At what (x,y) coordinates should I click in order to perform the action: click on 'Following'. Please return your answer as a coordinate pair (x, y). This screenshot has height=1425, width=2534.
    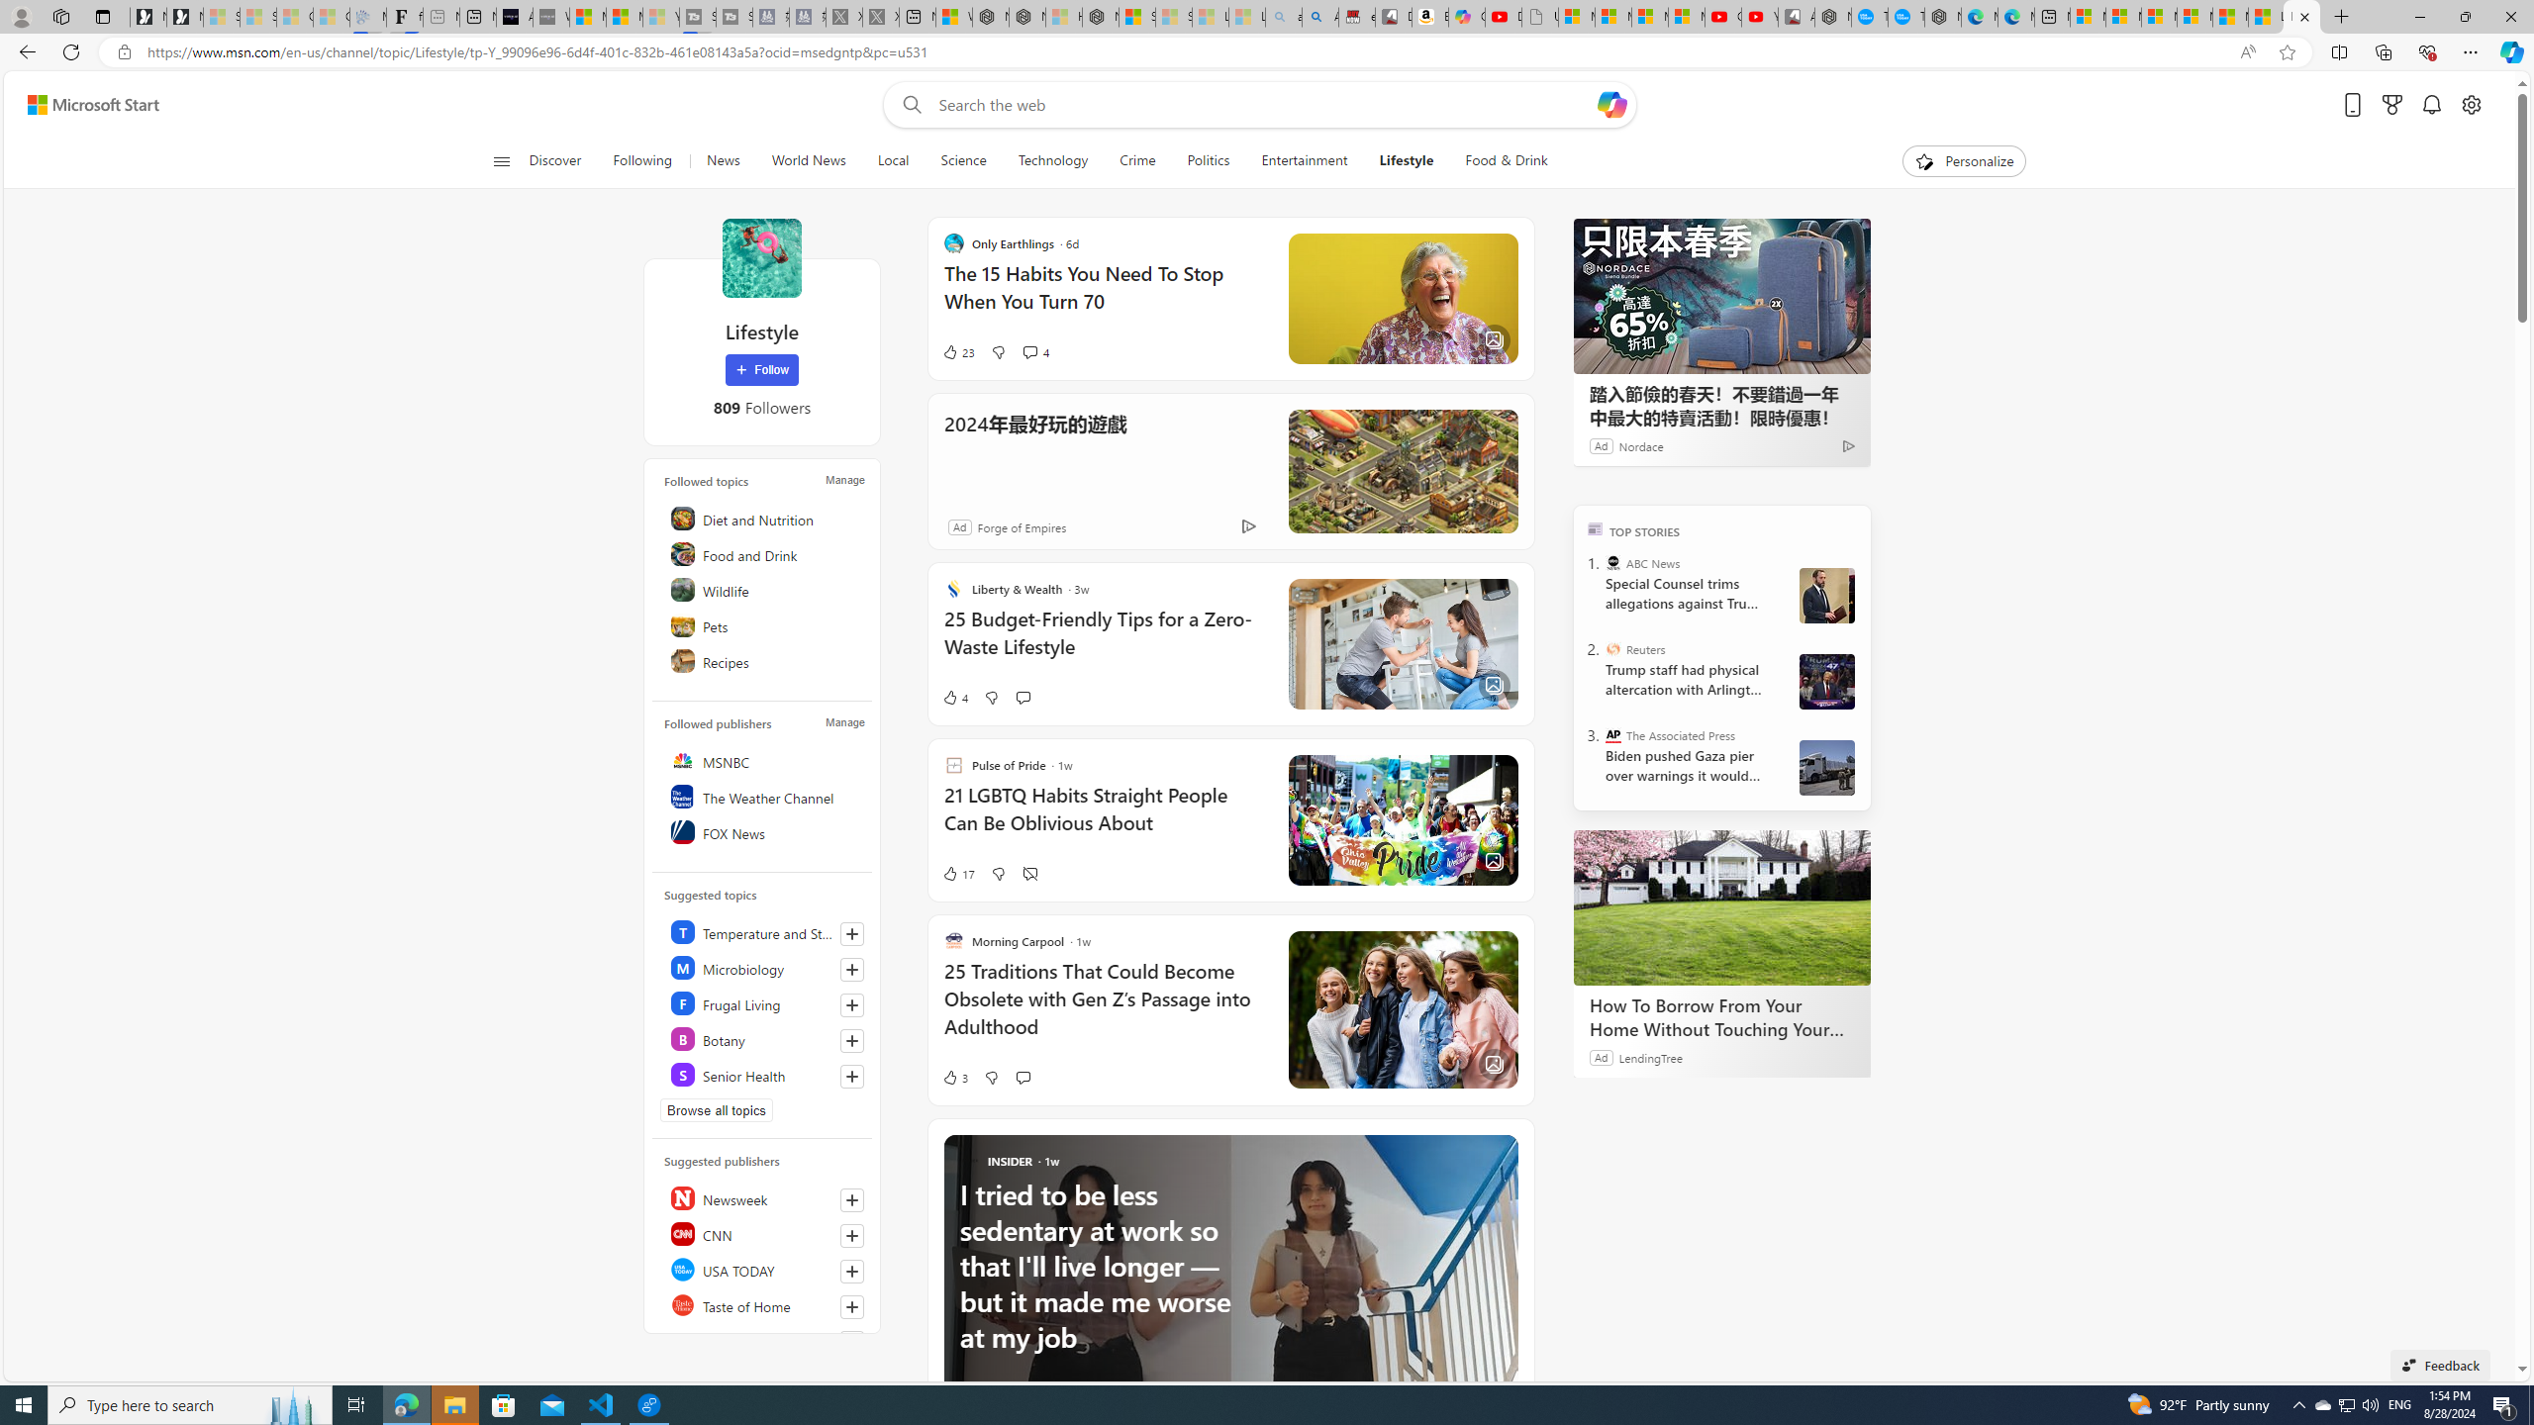
    Looking at the image, I should click on (644, 160).